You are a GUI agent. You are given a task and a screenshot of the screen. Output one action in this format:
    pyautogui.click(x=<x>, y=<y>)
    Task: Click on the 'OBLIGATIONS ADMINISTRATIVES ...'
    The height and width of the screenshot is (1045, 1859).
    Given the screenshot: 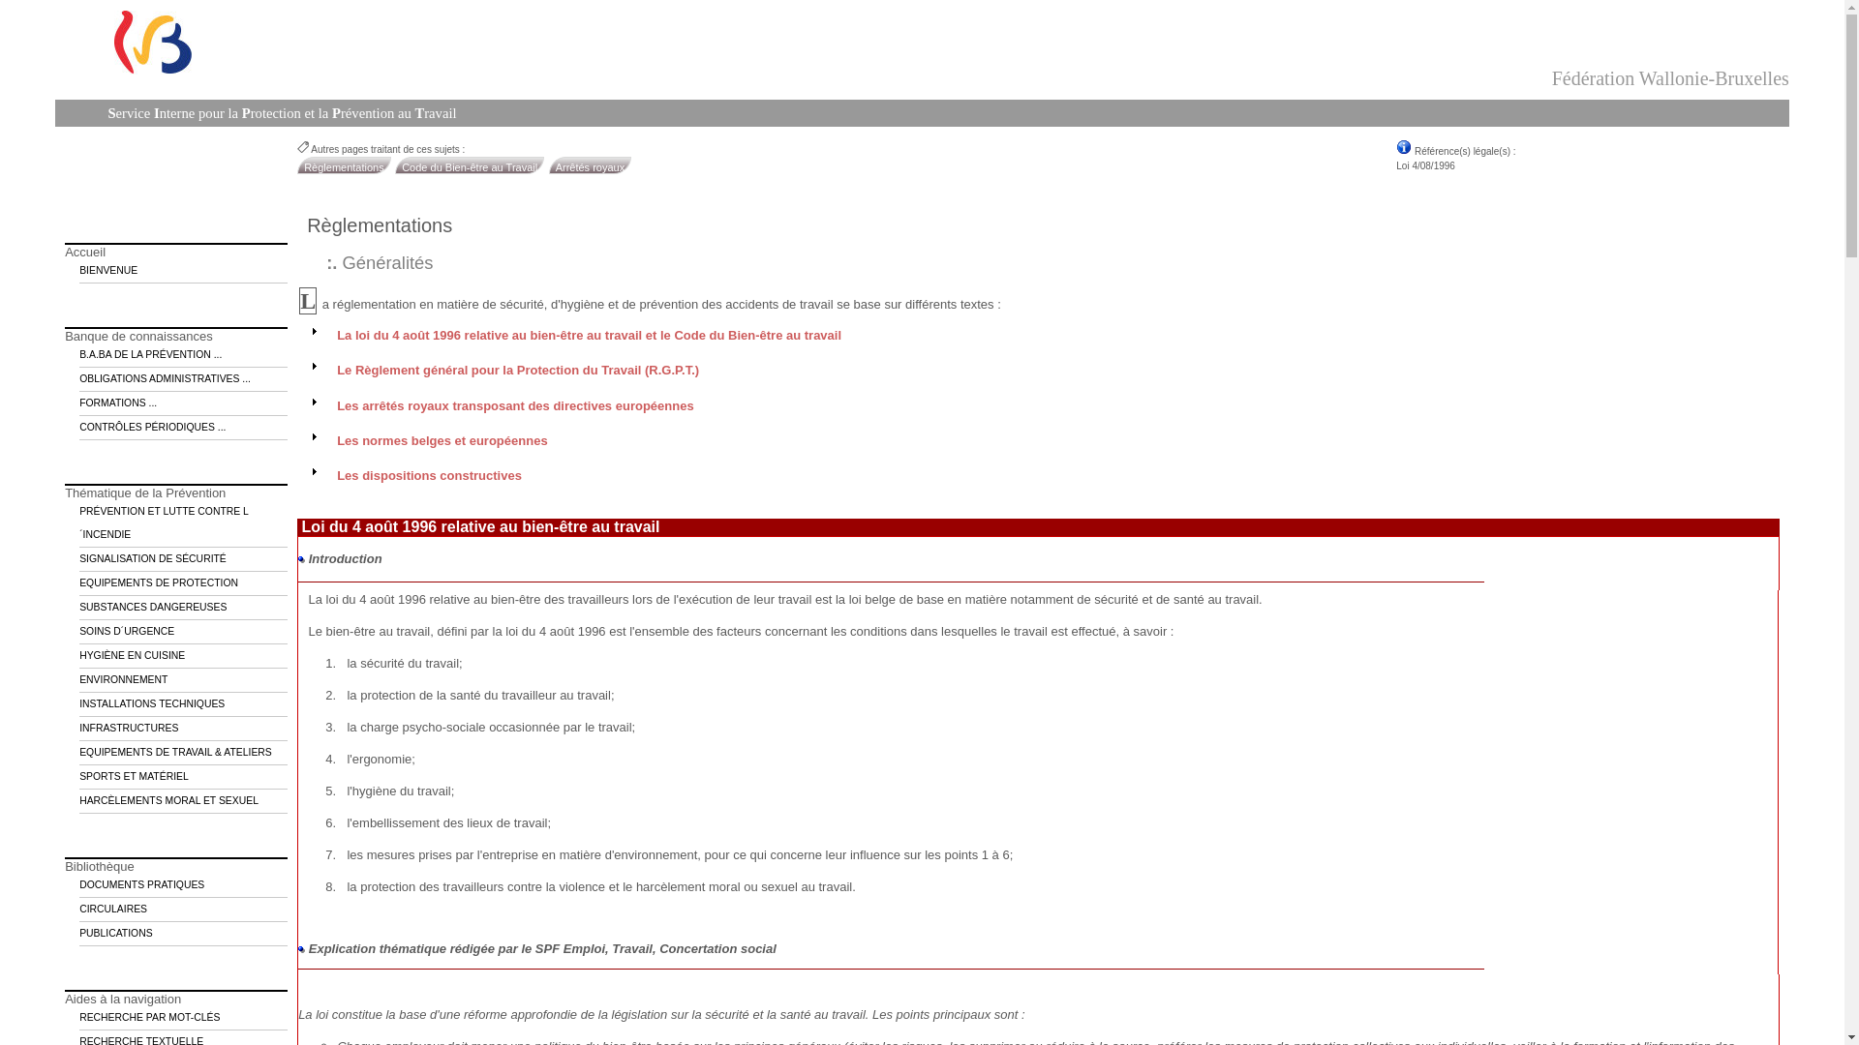 What is the action you would take?
    pyautogui.click(x=183, y=379)
    